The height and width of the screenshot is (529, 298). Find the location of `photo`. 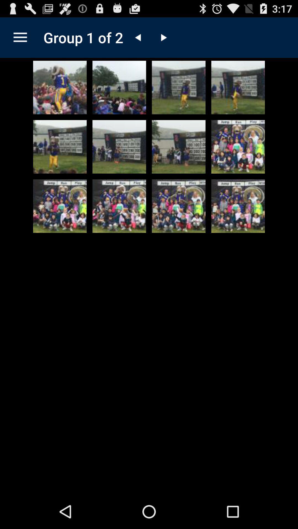

photo is located at coordinates (179, 147).